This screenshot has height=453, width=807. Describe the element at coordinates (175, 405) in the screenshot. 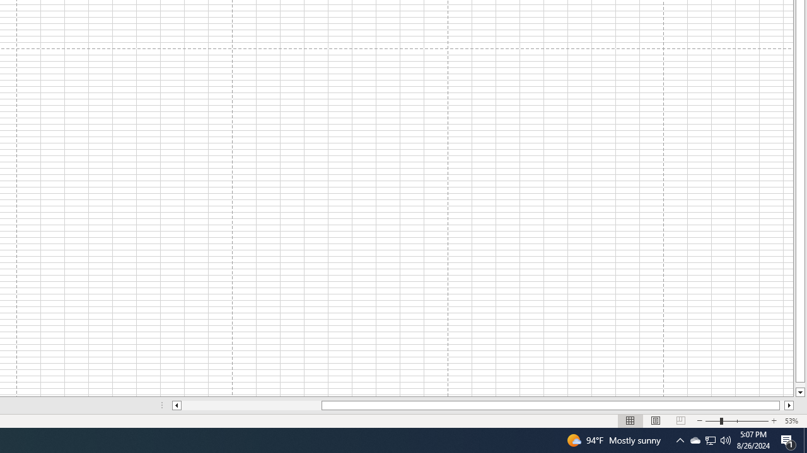

I see `'Column left'` at that location.